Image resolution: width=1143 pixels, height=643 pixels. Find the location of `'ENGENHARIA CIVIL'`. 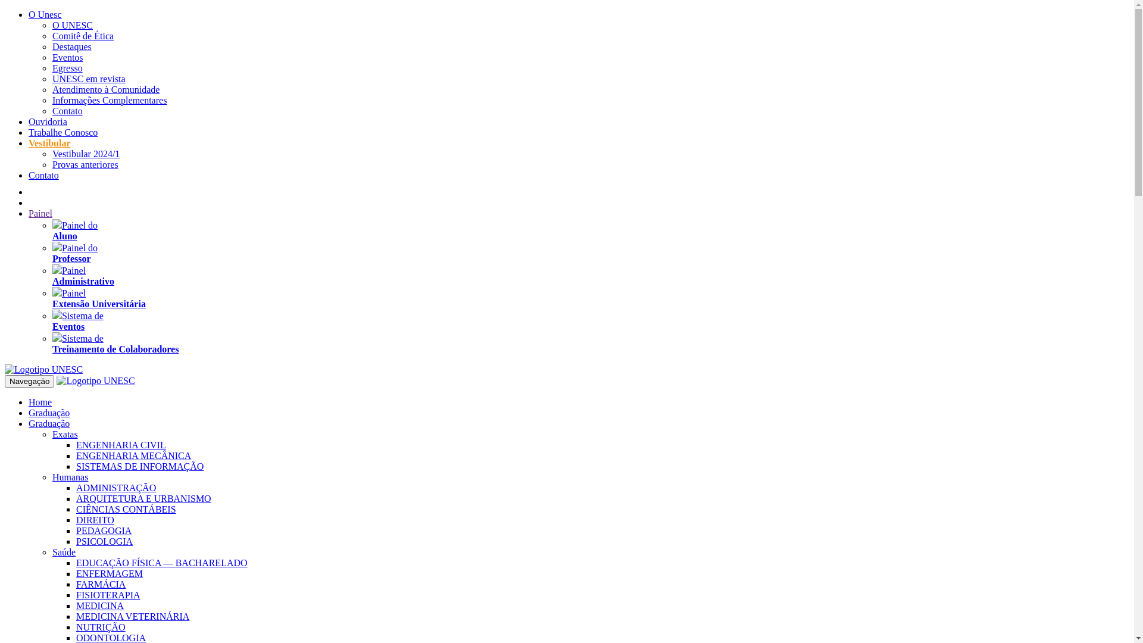

'ENGENHARIA CIVIL' is located at coordinates (121, 445).